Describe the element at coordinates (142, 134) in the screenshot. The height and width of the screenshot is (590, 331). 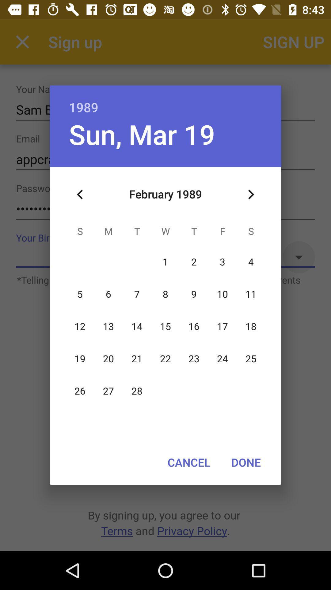
I see `the icon below the 1989 item` at that location.